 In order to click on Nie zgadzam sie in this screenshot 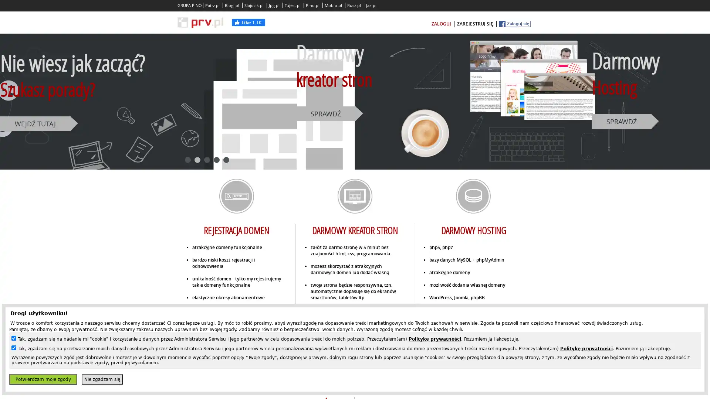, I will do `click(102, 379)`.